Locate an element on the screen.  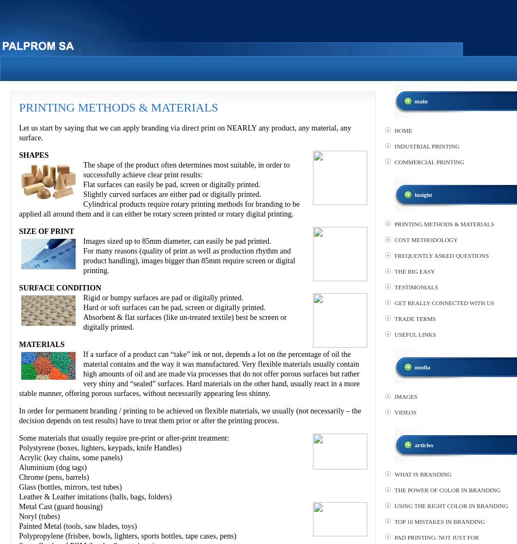
'INDUSTRIAL PRINTING' is located at coordinates (426, 146).